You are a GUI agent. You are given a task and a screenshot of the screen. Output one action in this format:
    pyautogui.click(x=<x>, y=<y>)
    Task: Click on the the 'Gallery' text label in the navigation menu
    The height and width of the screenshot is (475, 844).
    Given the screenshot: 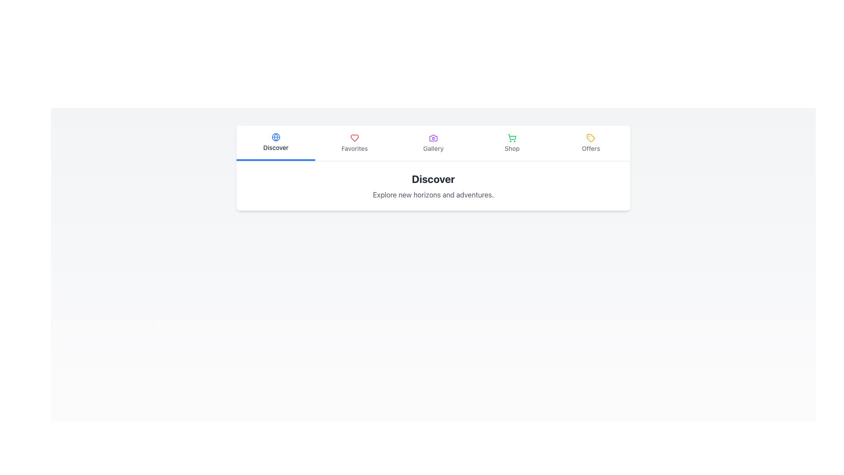 What is the action you would take?
    pyautogui.click(x=433, y=148)
    